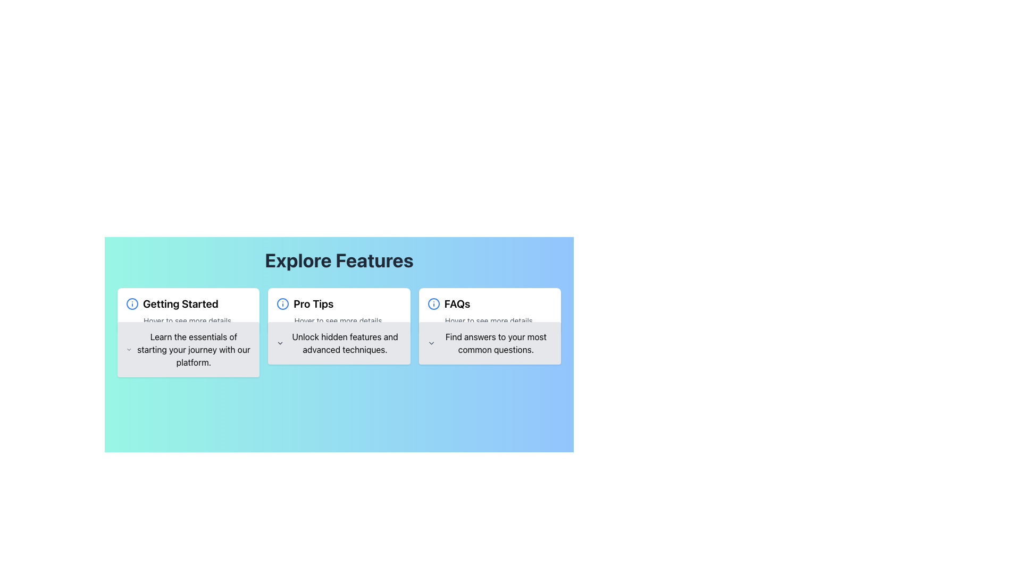  I want to click on the descriptive text element in the 'Pro Tips' card, which provides information about advanced features and techniques, so click(345, 343).